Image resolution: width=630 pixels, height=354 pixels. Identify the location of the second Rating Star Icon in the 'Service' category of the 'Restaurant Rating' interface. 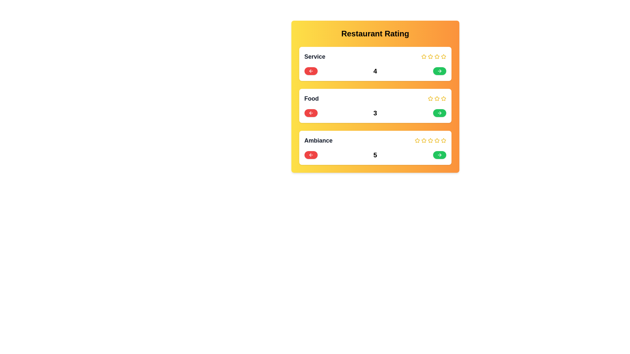
(430, 56).